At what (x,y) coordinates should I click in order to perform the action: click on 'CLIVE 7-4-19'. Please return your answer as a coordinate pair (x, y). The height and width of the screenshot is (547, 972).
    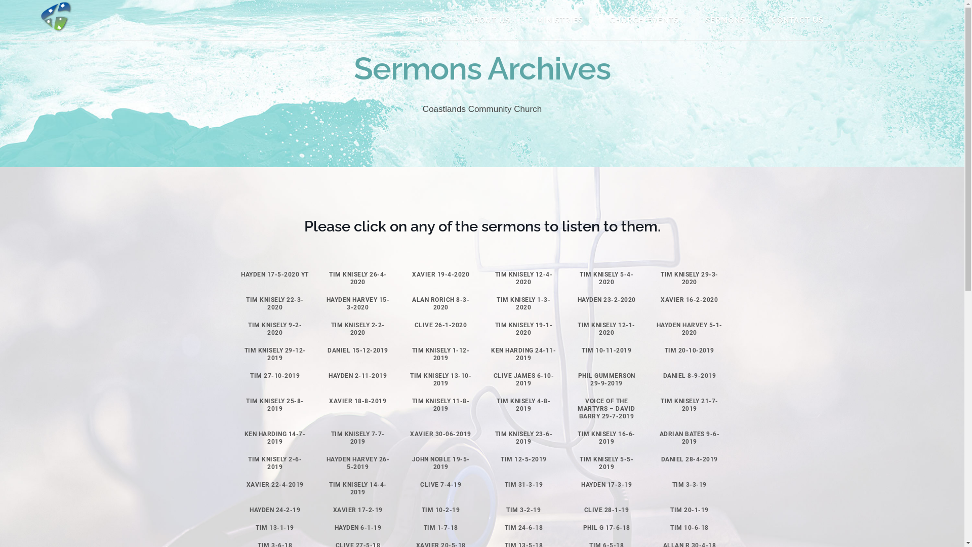
    Looking at the image, I should click on (440, 484).